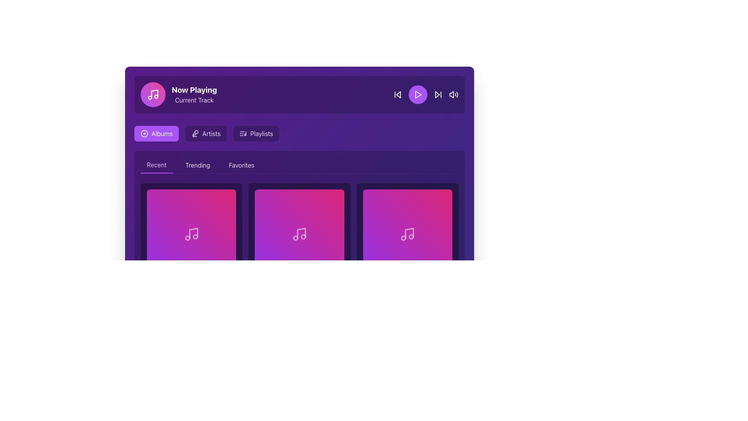  Describe the element at coordinates (195, 133) in the screenshot. I see `the 'Artists' icon located in the header navigation bar` at that location.